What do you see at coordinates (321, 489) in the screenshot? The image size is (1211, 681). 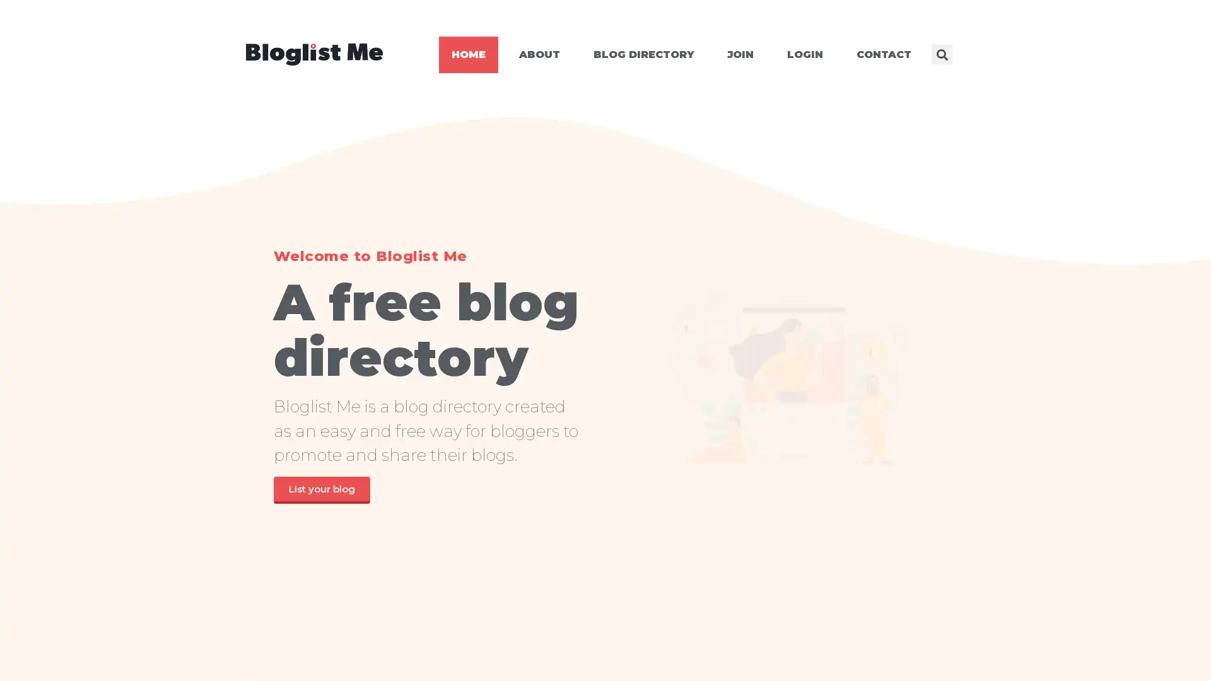 I see `List your blog` at bounding box center [321, 489].